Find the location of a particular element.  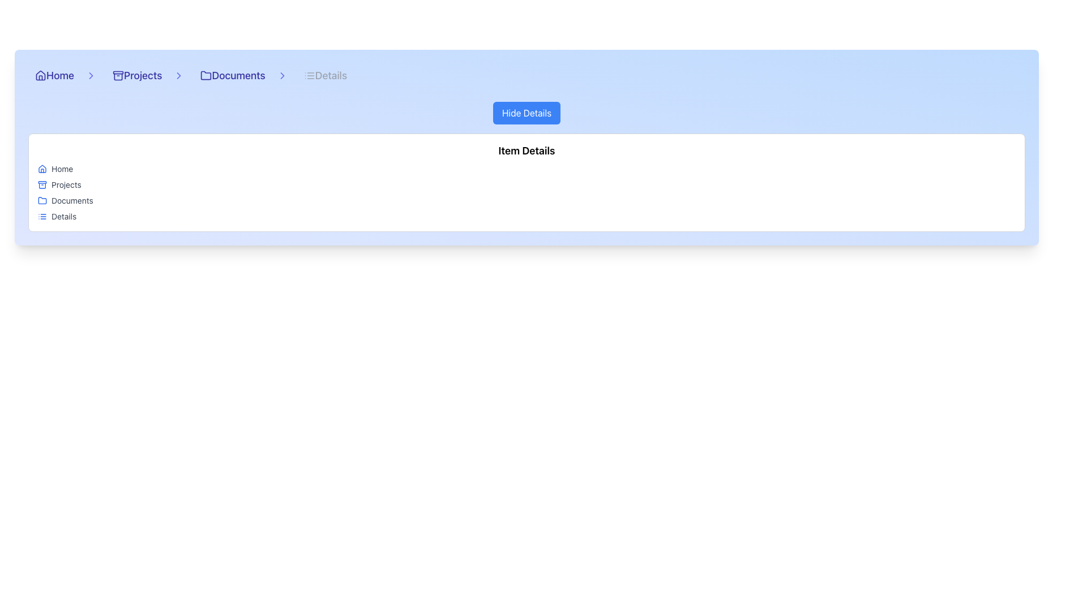

the 'Documents' text link in the breadcrumb navigation bar, which is positioned between 'Projects' and 'Details' is located at coordinates (238, 76).